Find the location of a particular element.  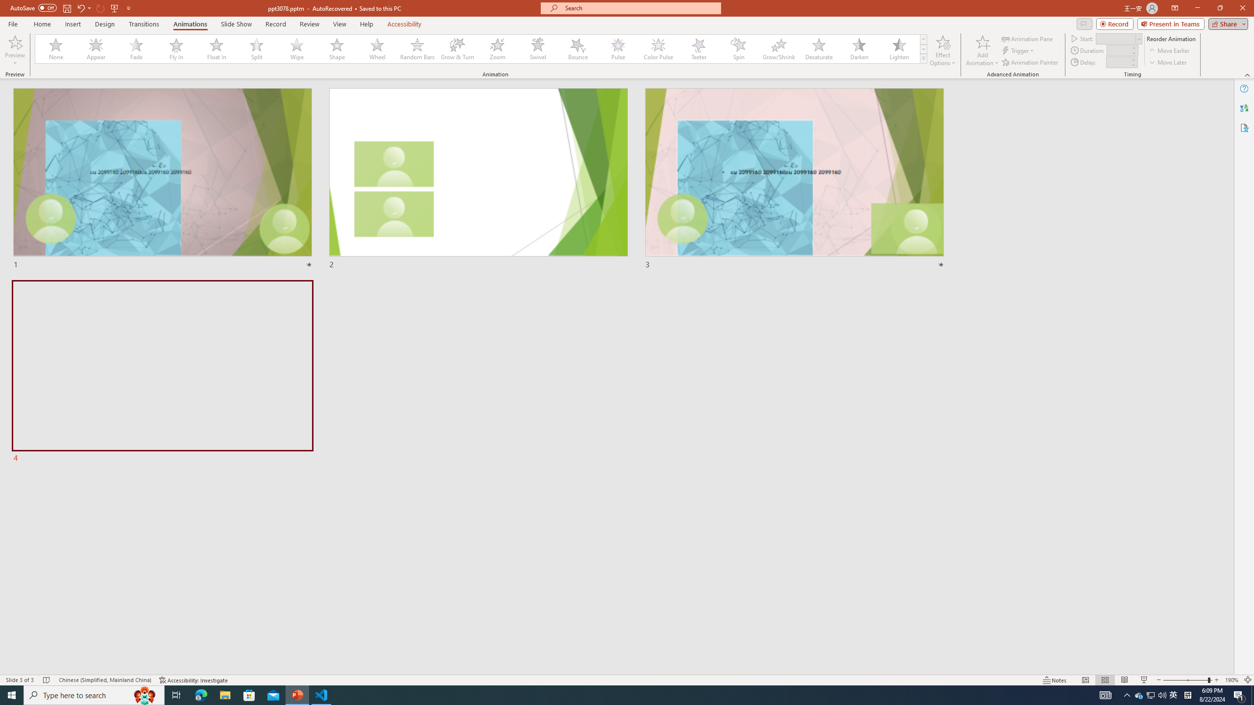

'Accessibility Checker Accessibility: Investigate' is located at coordinates (193, 680).